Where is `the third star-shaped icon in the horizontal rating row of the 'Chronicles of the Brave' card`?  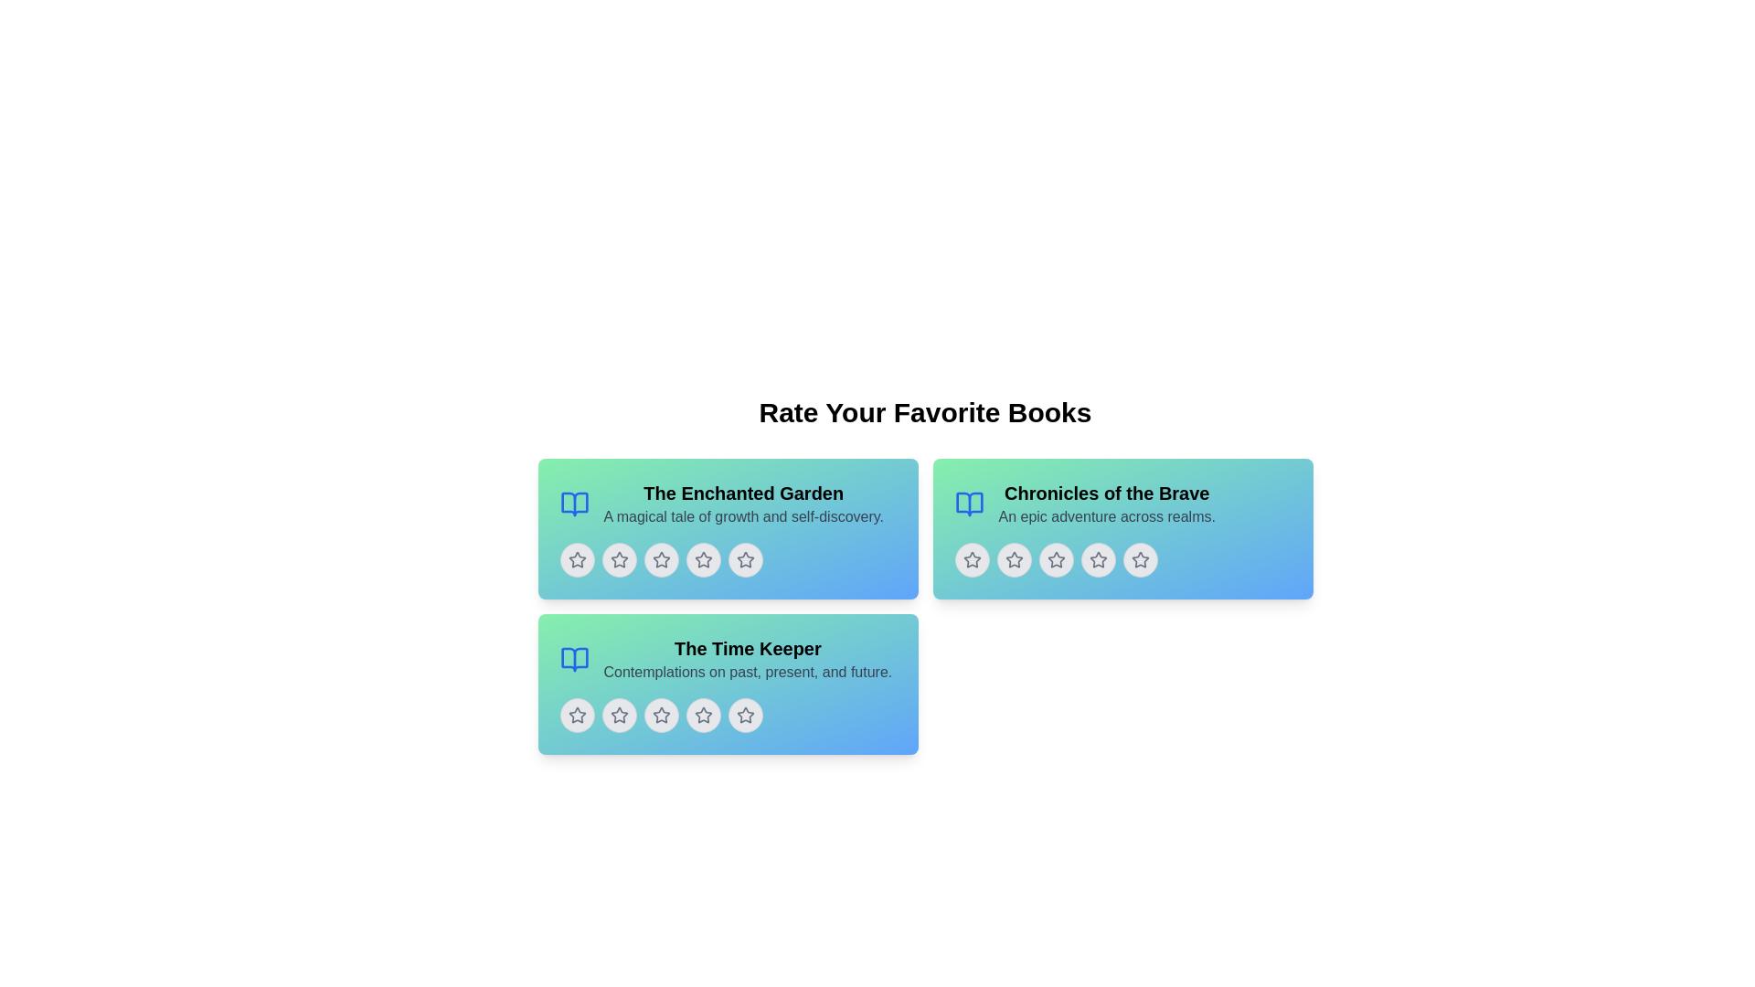 the third star-shaped icon in the horizontal rating row of the 'Chronicles of the Brave' card is located at coordinates (971, 558).